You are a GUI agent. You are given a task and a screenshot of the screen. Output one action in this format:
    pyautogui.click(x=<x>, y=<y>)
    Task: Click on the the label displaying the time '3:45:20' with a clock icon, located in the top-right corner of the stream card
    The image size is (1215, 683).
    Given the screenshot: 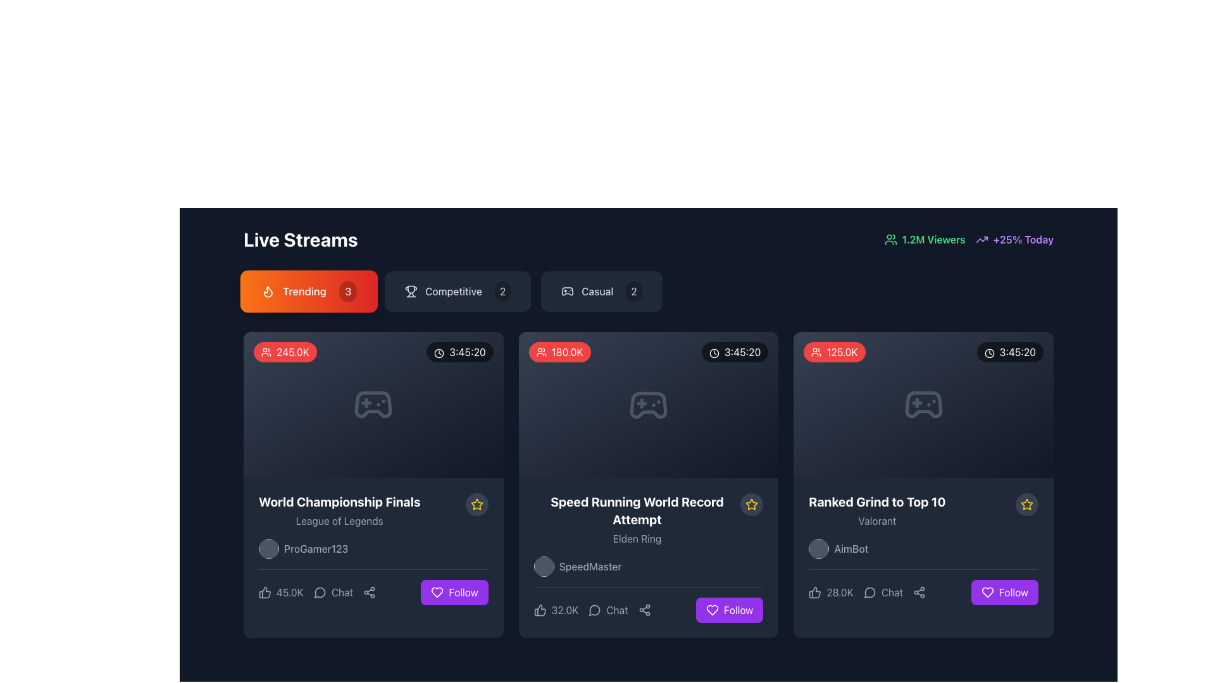 What is the action you would take?
    pyautogui.click(x=1009, y=352)
    